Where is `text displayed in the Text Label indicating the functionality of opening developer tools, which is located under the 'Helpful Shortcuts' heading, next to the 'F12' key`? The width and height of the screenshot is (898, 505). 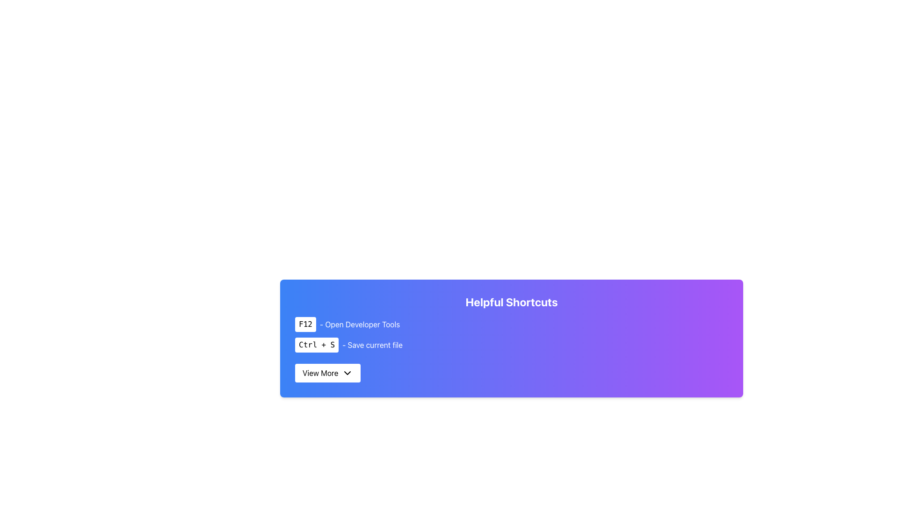 text displayed in the Text Label indicating the functionality of opening developer tools, which is located under the 'Helpful Shortcuts' heading, next to the 'F12' key is located at coordinates (359, 324).